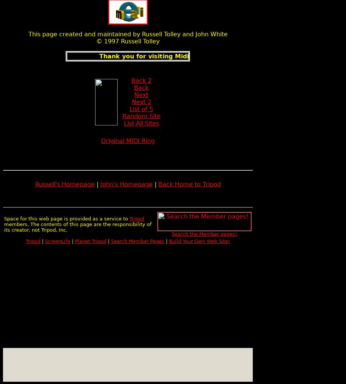 This screenshot has width=346, height=384. I want to click on 'members.
The contents of this page are the responsibility of its
creator, not Tripod, Inc.', so click(78, 226).